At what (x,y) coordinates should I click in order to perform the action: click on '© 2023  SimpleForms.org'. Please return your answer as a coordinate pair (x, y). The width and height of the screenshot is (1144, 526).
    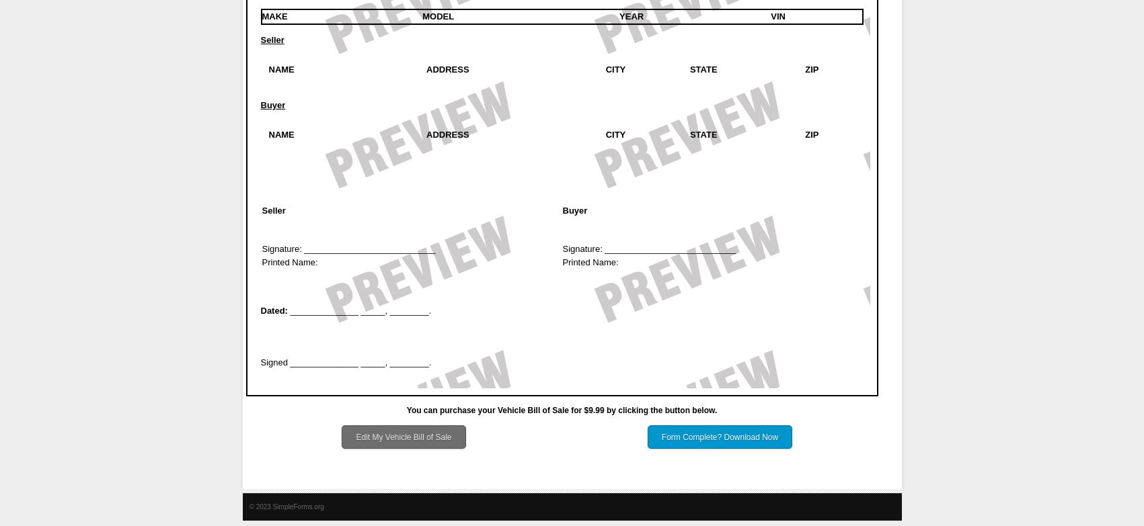
    Looking at the image, I should click on (285, 506).